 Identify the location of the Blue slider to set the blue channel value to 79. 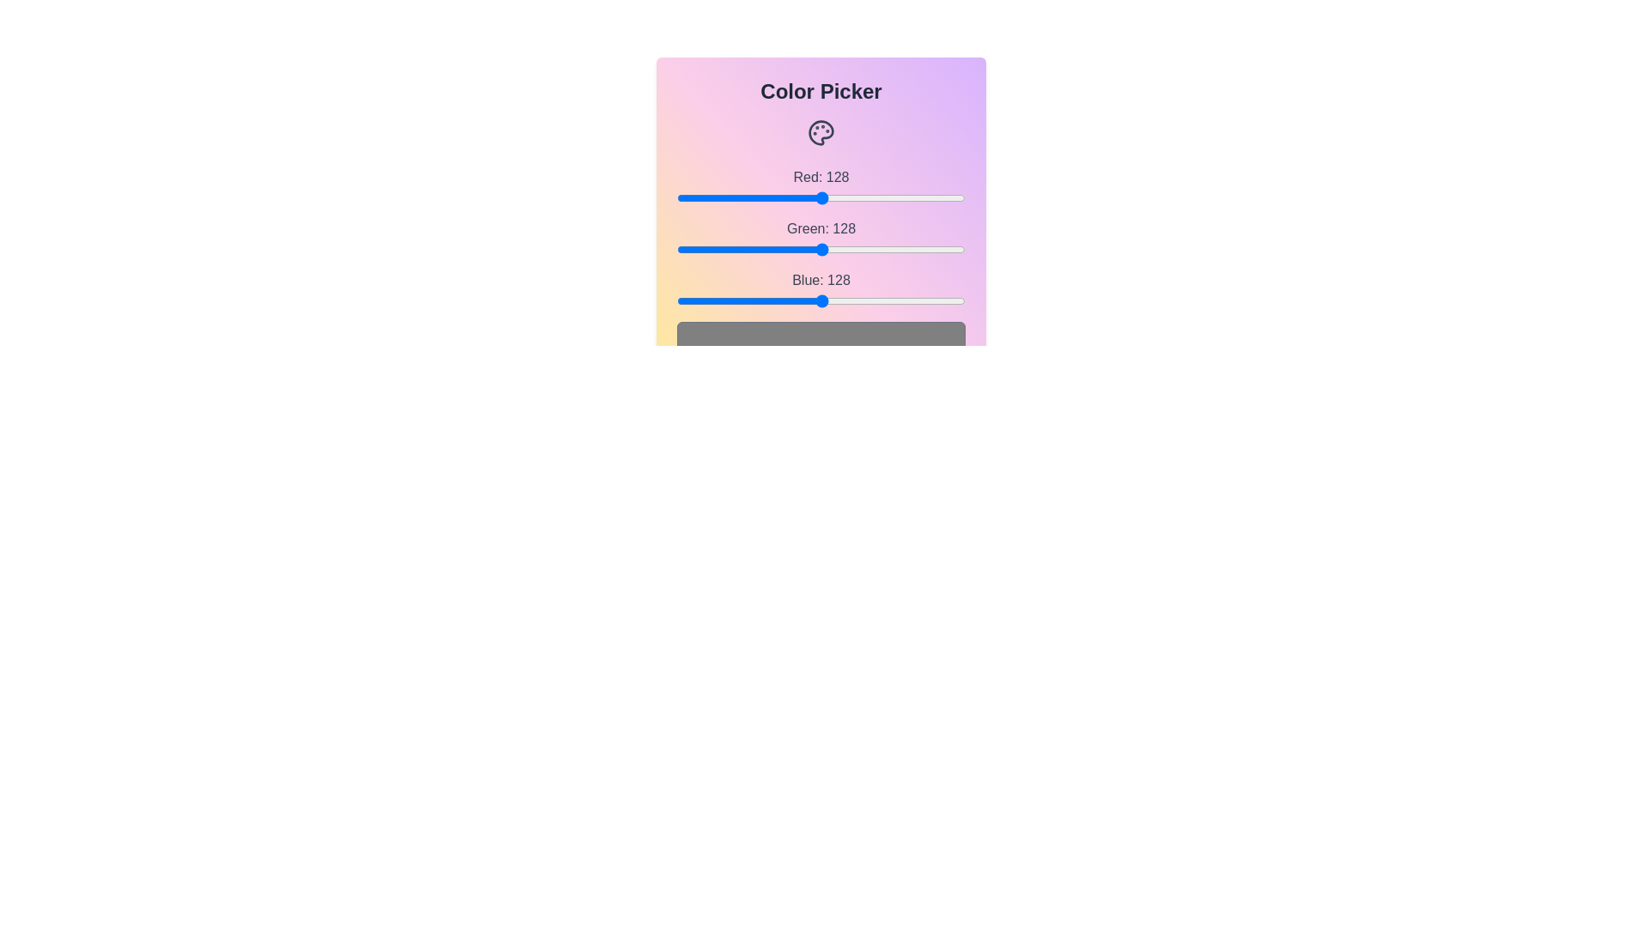
(766, 300).